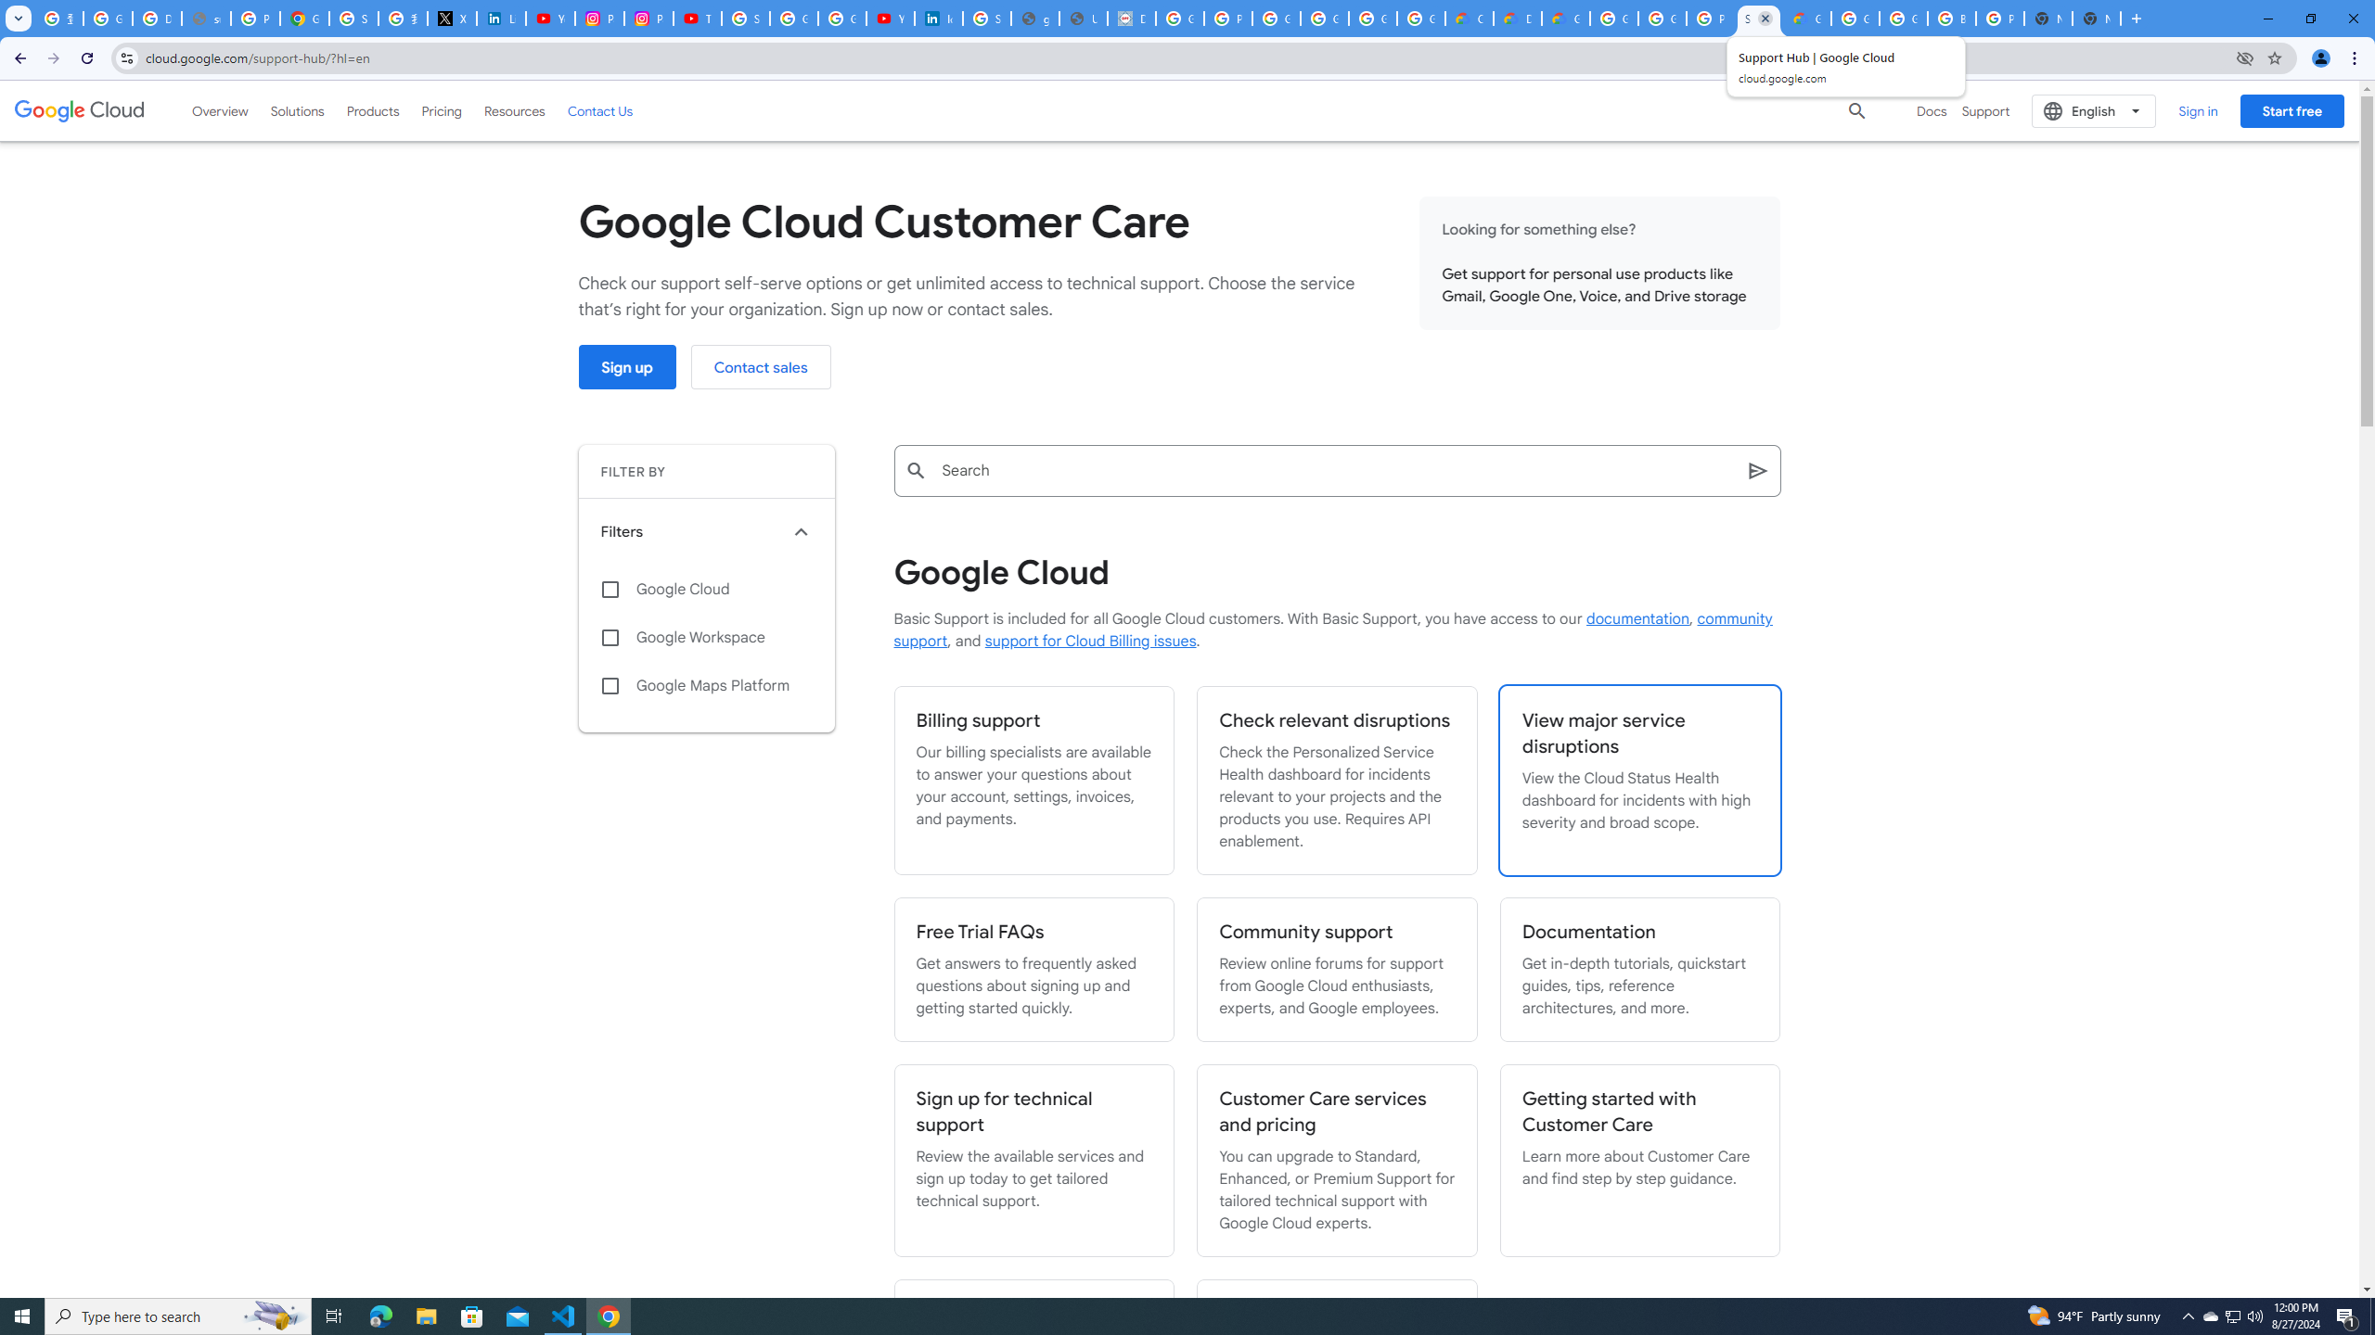  What do you see at coordinates (1565, 18) in the screenshot?
I see `'Gemini for Business and Developers | Google Cloud'` at bounding box center [1565, 18].